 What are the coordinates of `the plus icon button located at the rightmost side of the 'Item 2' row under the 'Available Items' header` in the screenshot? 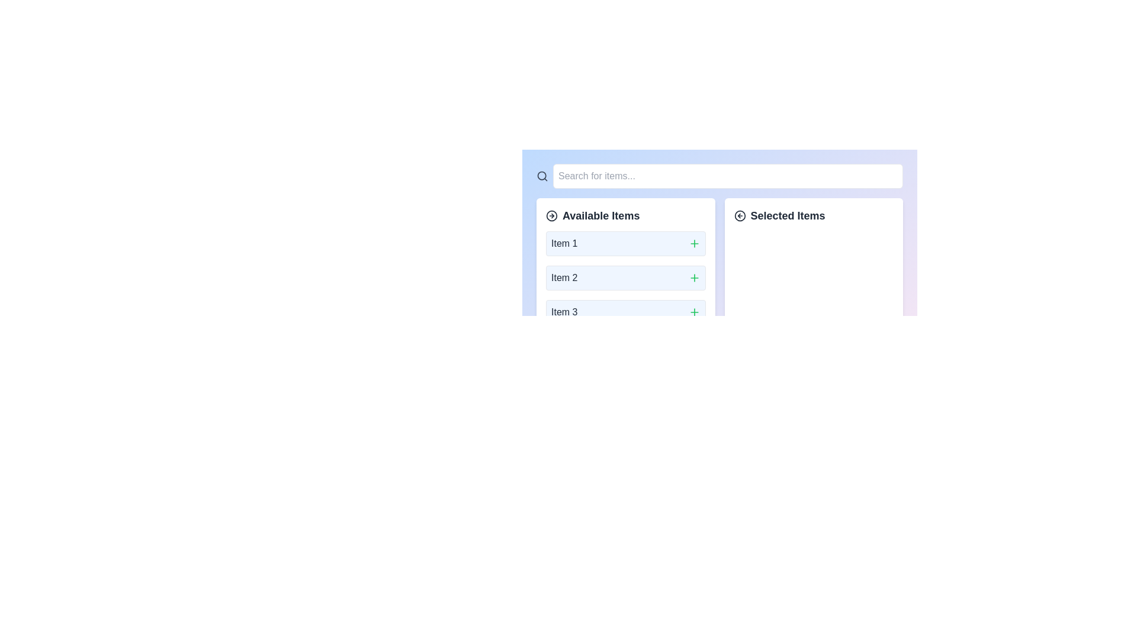 It's located at (694, 278).